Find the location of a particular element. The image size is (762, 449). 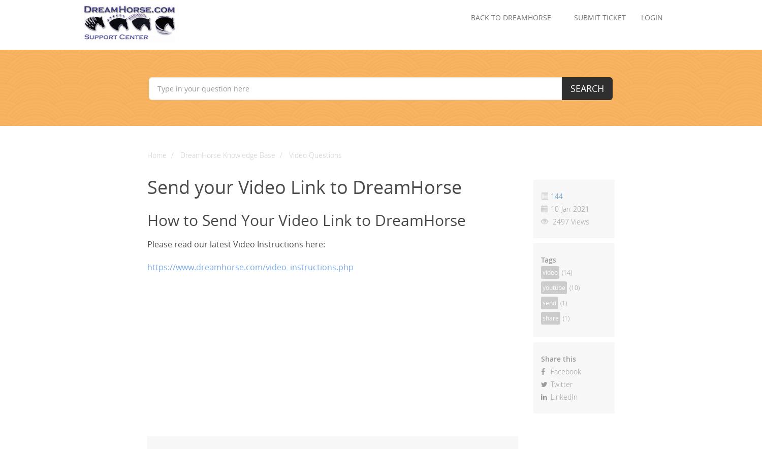

'share' is located at coordinates (550, 318).